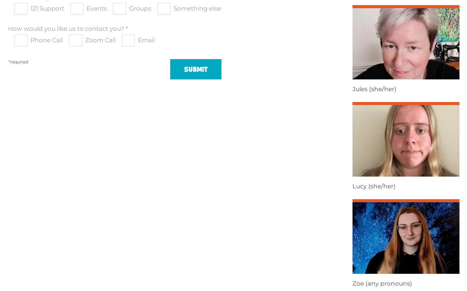 The width and height of the screenshot is (467, 291). Describe the element at coordinates (374, 186) in the screenshot. I see `'Lucy (she/her)'` at that location.